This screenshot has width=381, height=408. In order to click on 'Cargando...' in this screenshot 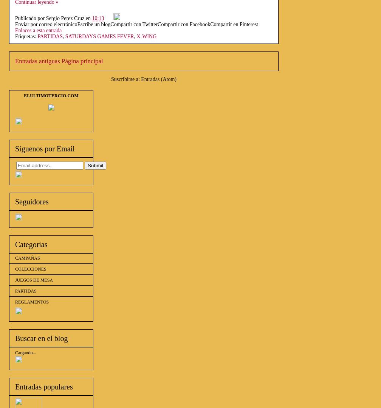, I will do `click(15, 352)`.